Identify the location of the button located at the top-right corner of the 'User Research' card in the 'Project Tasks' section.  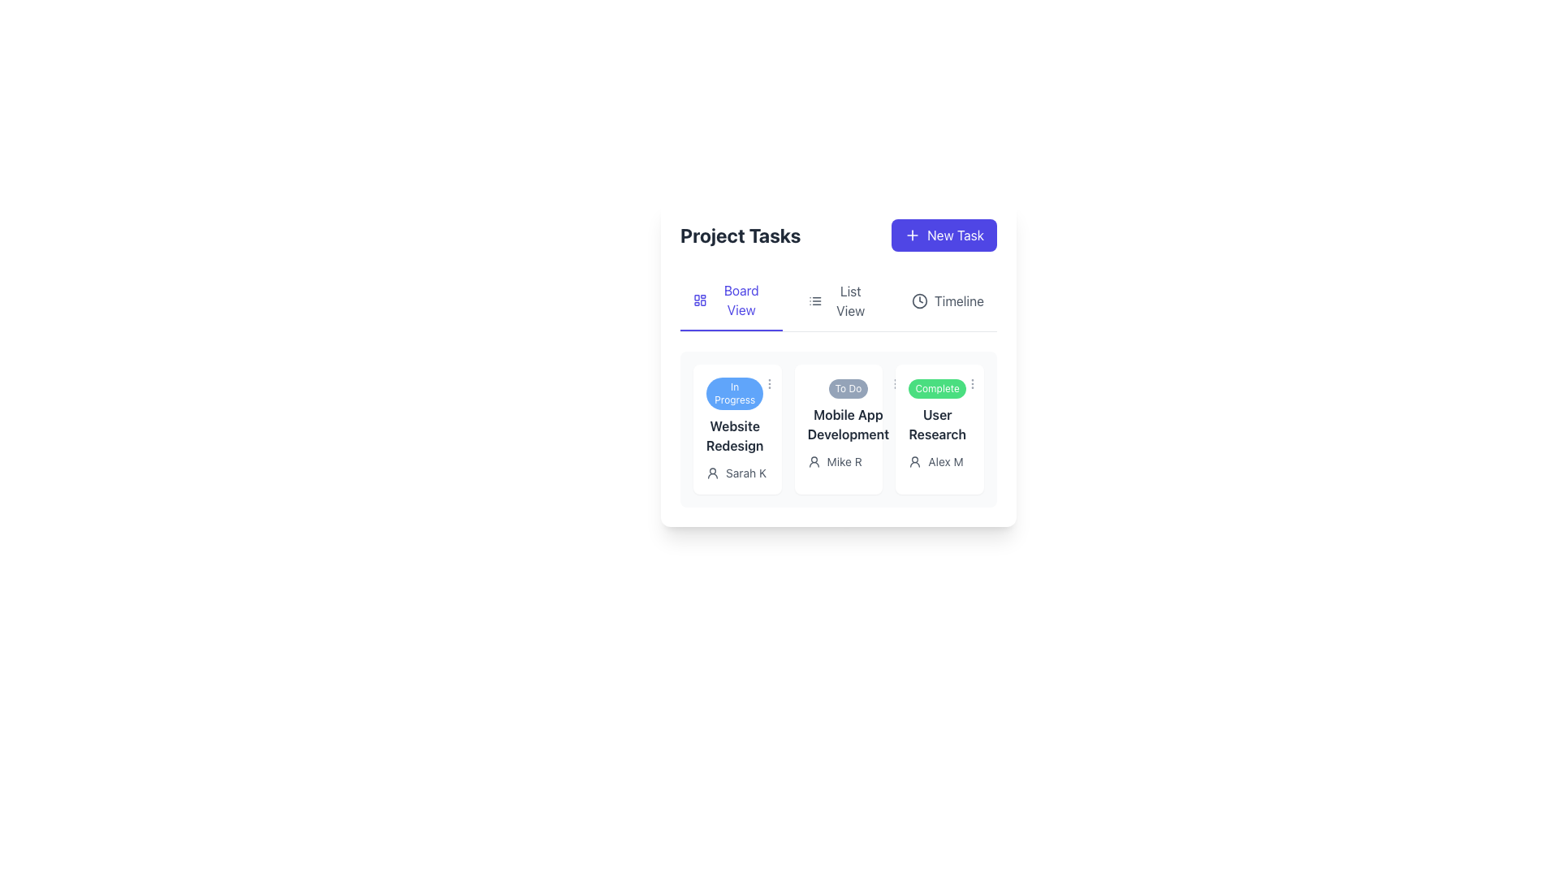
(973, 384).